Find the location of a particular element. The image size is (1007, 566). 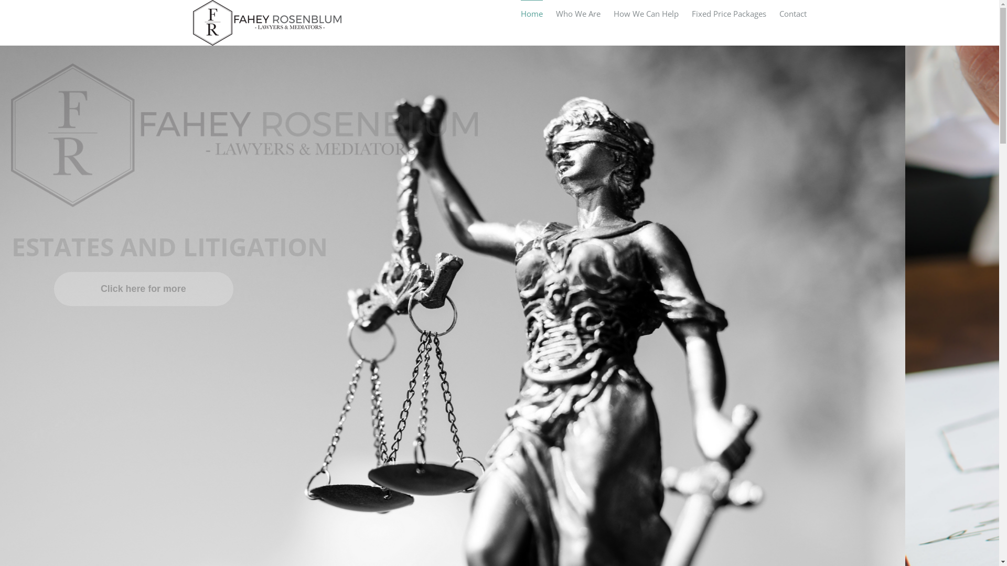

'Fixed Price Packages' is located at coordinates (727, 13).